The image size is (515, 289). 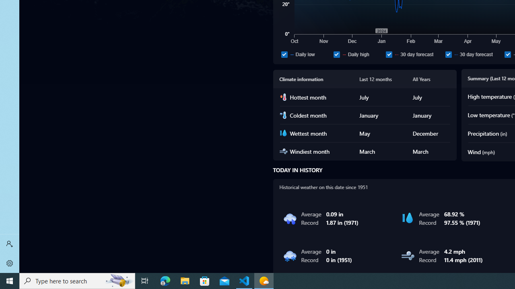 What do you see at coordinates (10, 263) in the screenshot?
I see `'Settings'` at bounding box center [10, 263].